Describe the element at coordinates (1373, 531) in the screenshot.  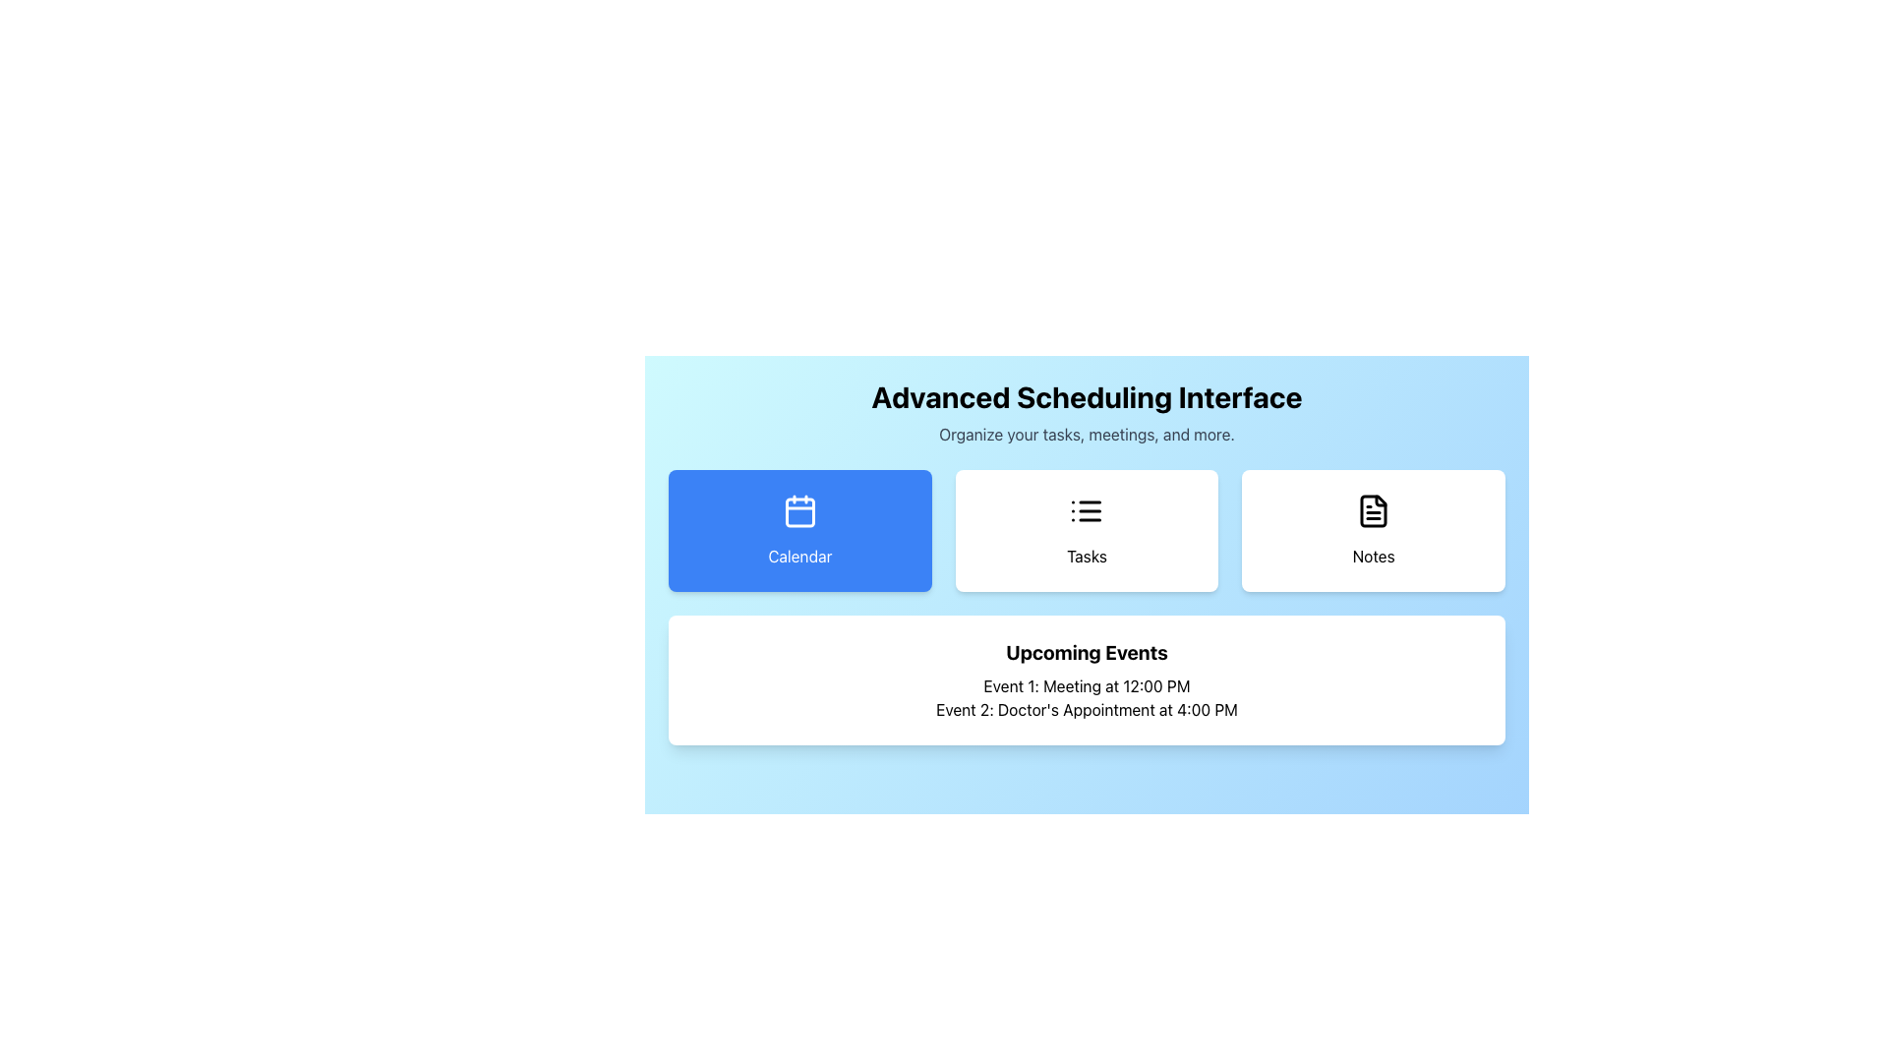
I see `the Notes button, which is the third button in a row under the 'Calendar Tasks Notes' section` at that location.